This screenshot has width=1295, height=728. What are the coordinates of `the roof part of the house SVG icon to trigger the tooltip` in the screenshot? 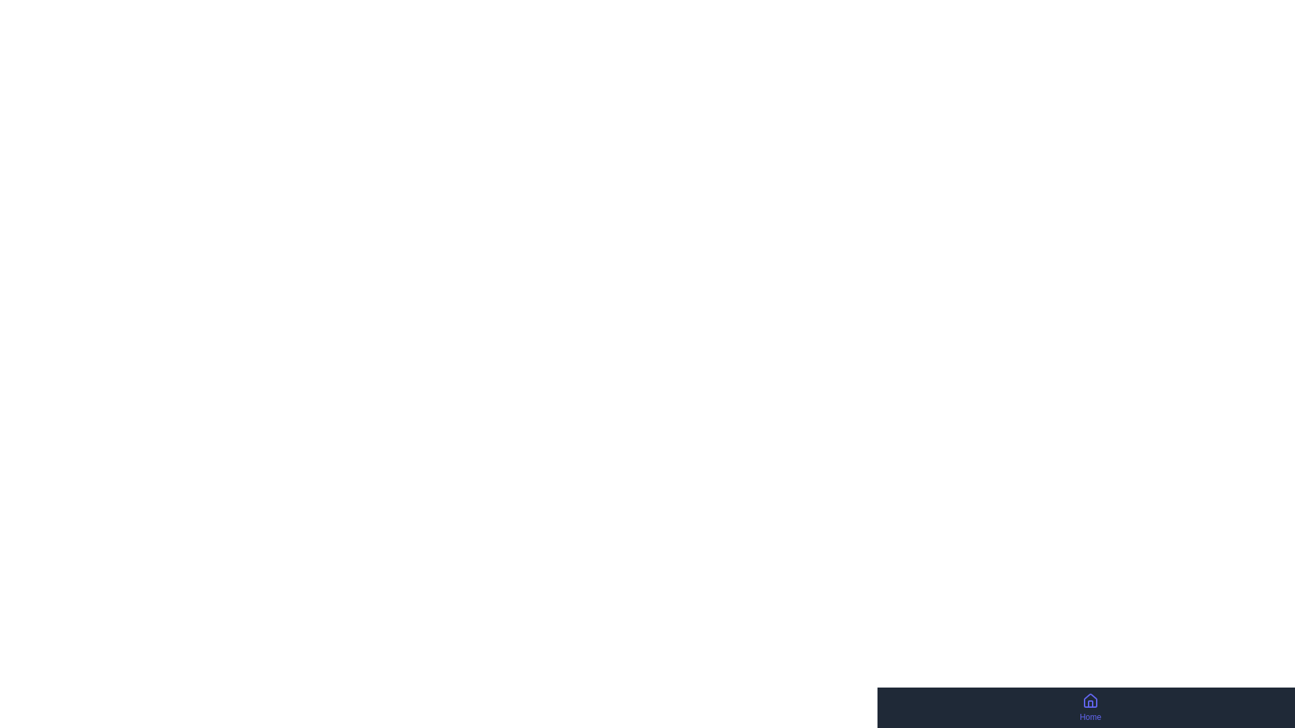 It's located at (1090, 700).